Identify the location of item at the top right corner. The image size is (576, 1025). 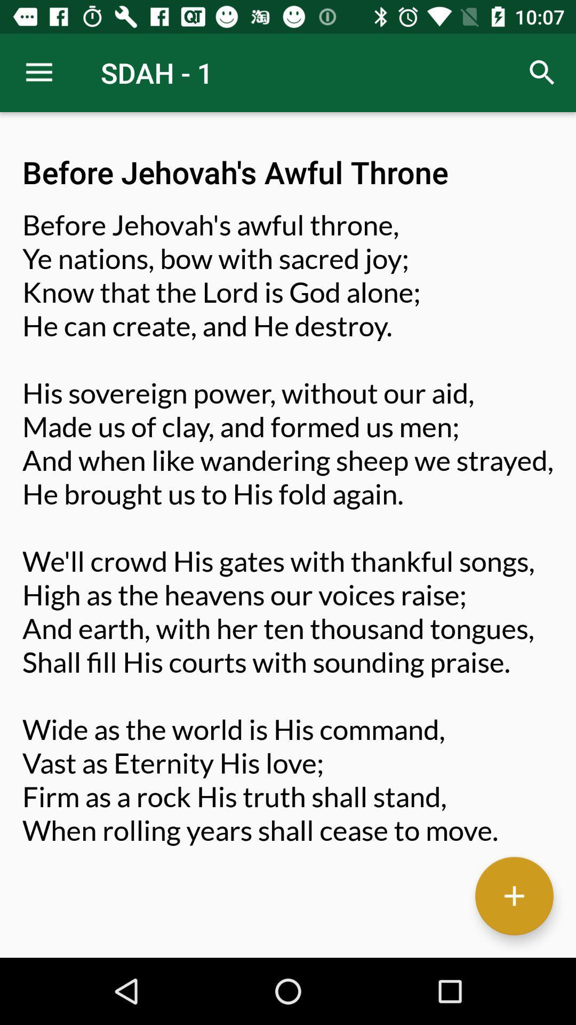
(542, 72).